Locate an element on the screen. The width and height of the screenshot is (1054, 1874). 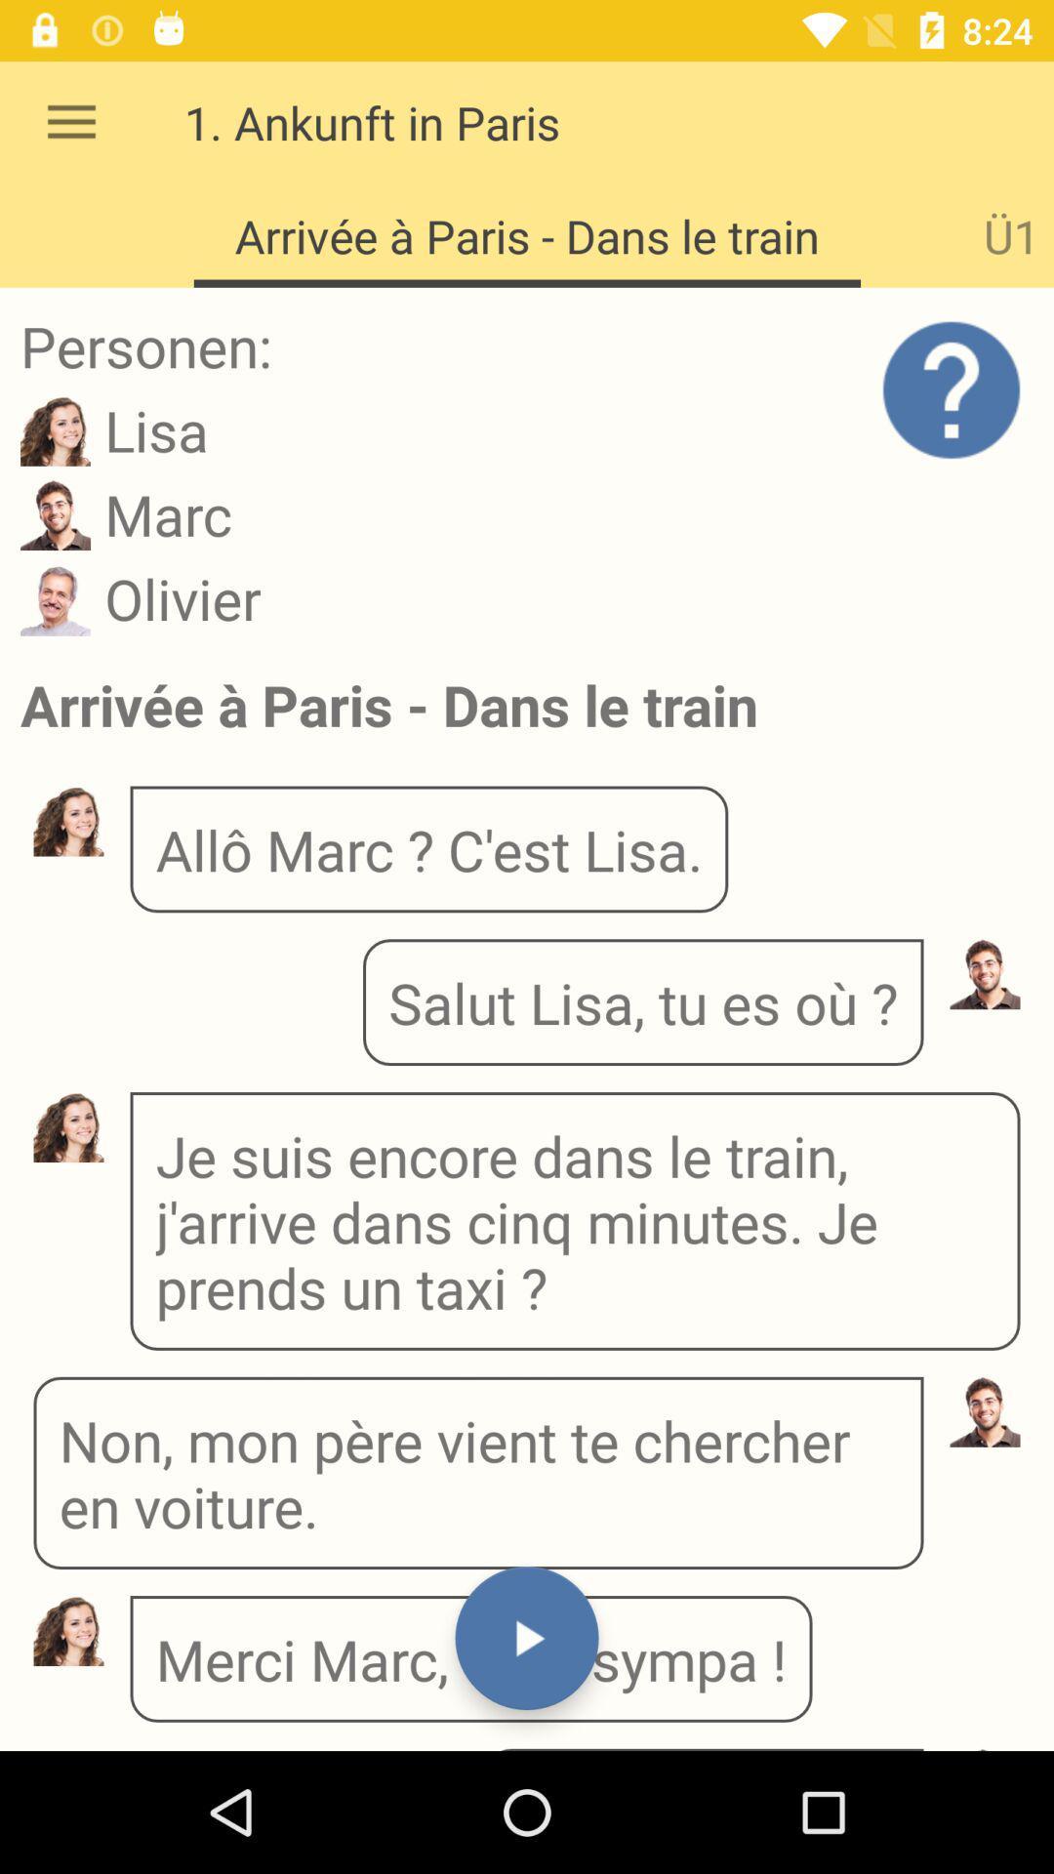
the play icon is located at coordinates (527, 1638).